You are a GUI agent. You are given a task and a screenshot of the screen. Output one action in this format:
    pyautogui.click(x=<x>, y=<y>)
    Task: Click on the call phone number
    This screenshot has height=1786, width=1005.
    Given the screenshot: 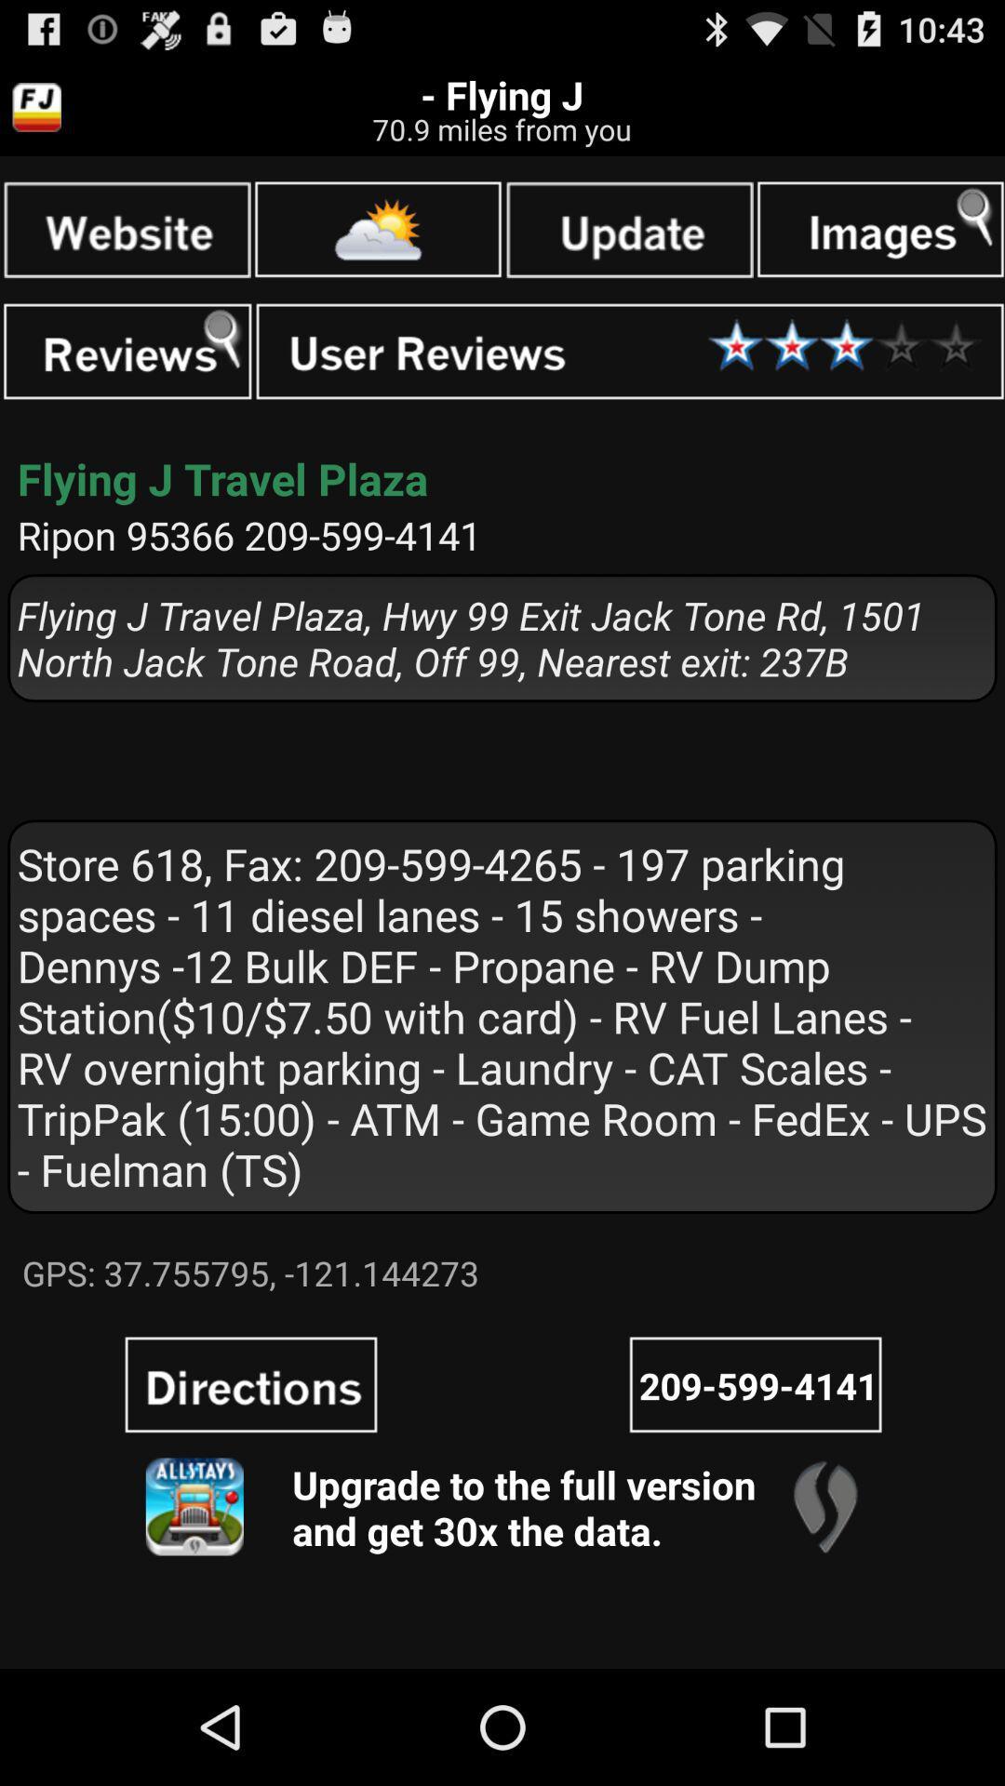 What is the action you would take?
    pyautogui.click(x=756, y=1384)
    